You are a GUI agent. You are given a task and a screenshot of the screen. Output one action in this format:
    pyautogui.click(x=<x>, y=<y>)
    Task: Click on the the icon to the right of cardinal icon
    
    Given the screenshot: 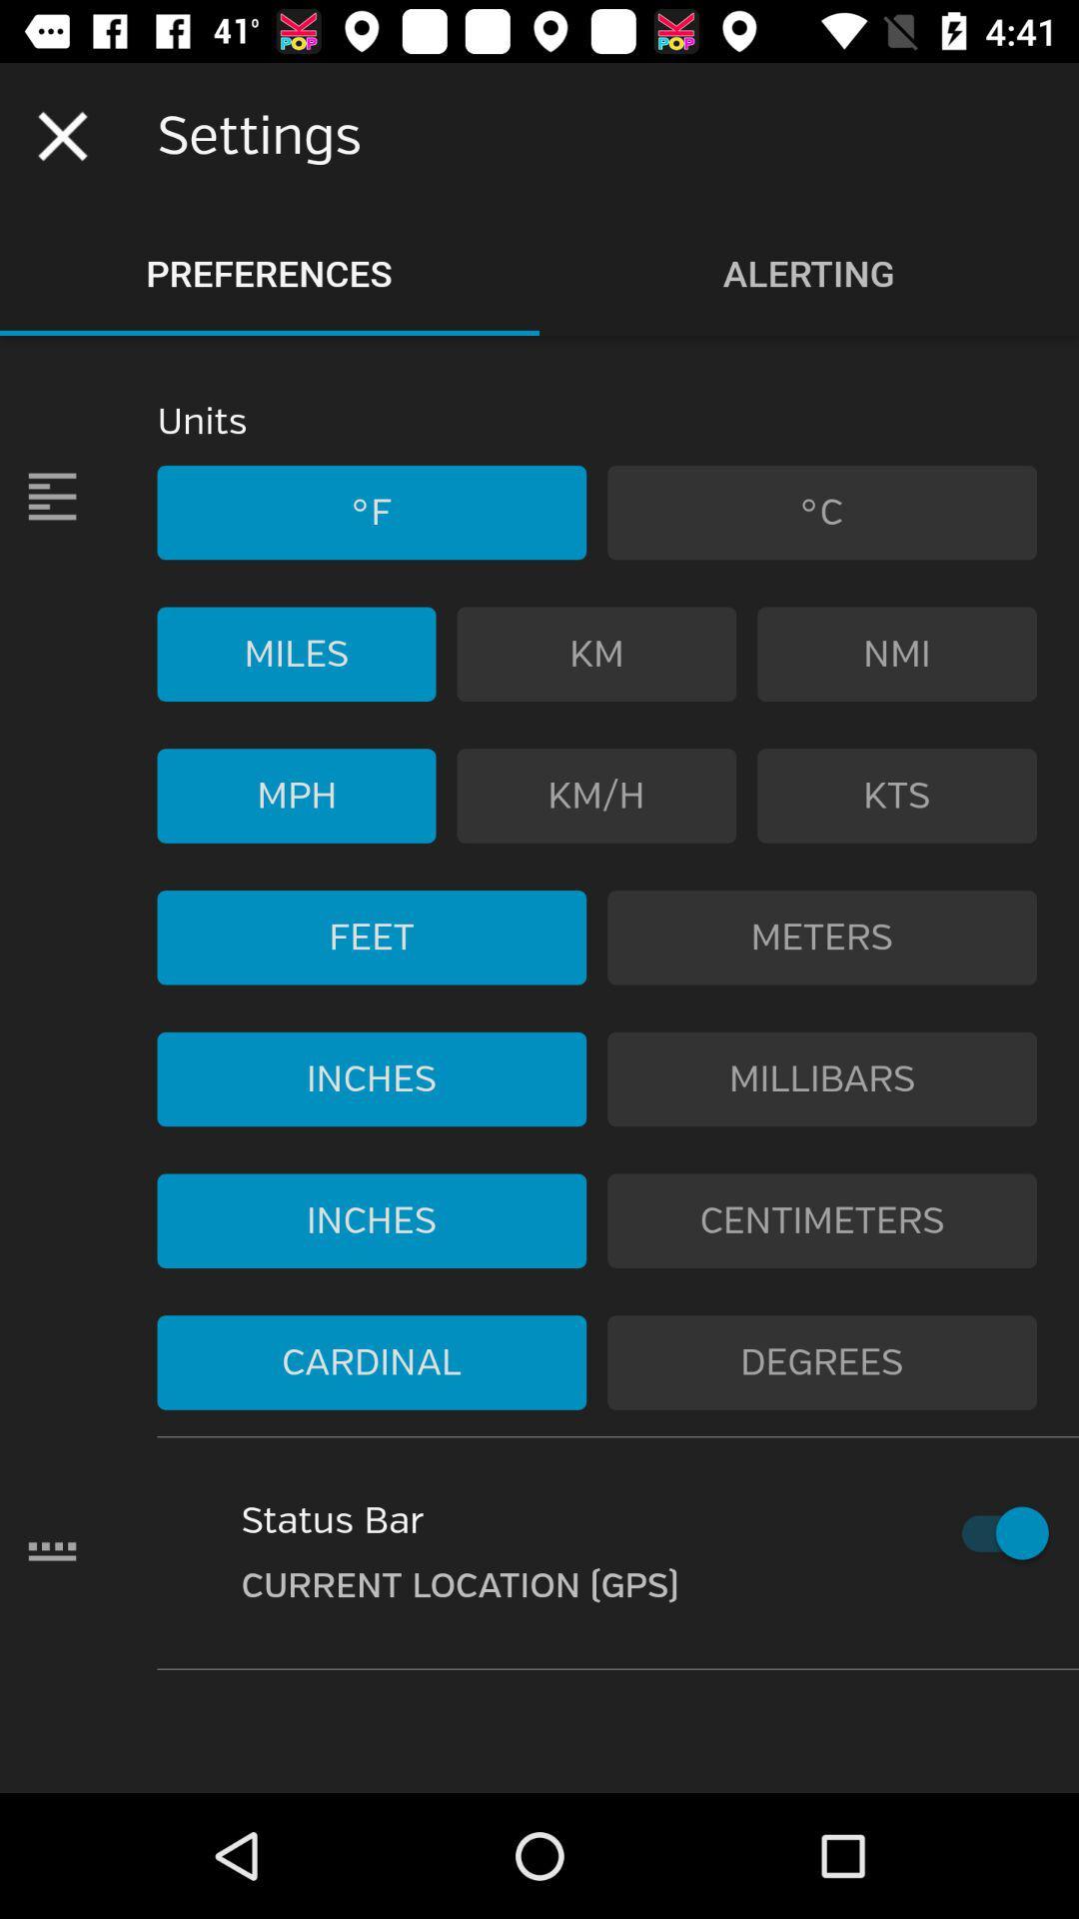 What is the action you would take?
    pyautogui.click(x=822, y=1361)
    